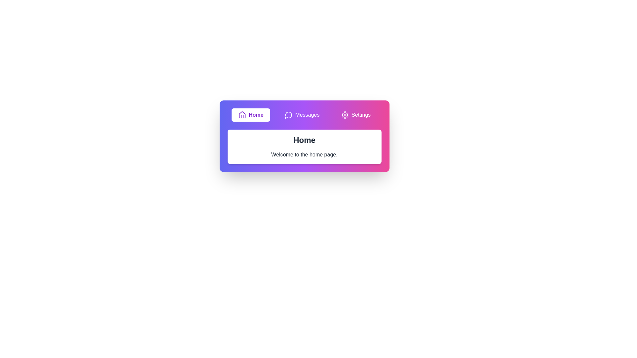  I want to click on the chat icon, which is a circular graphic positioned in the second slot of the top center navigational interface, so click(288, 115).